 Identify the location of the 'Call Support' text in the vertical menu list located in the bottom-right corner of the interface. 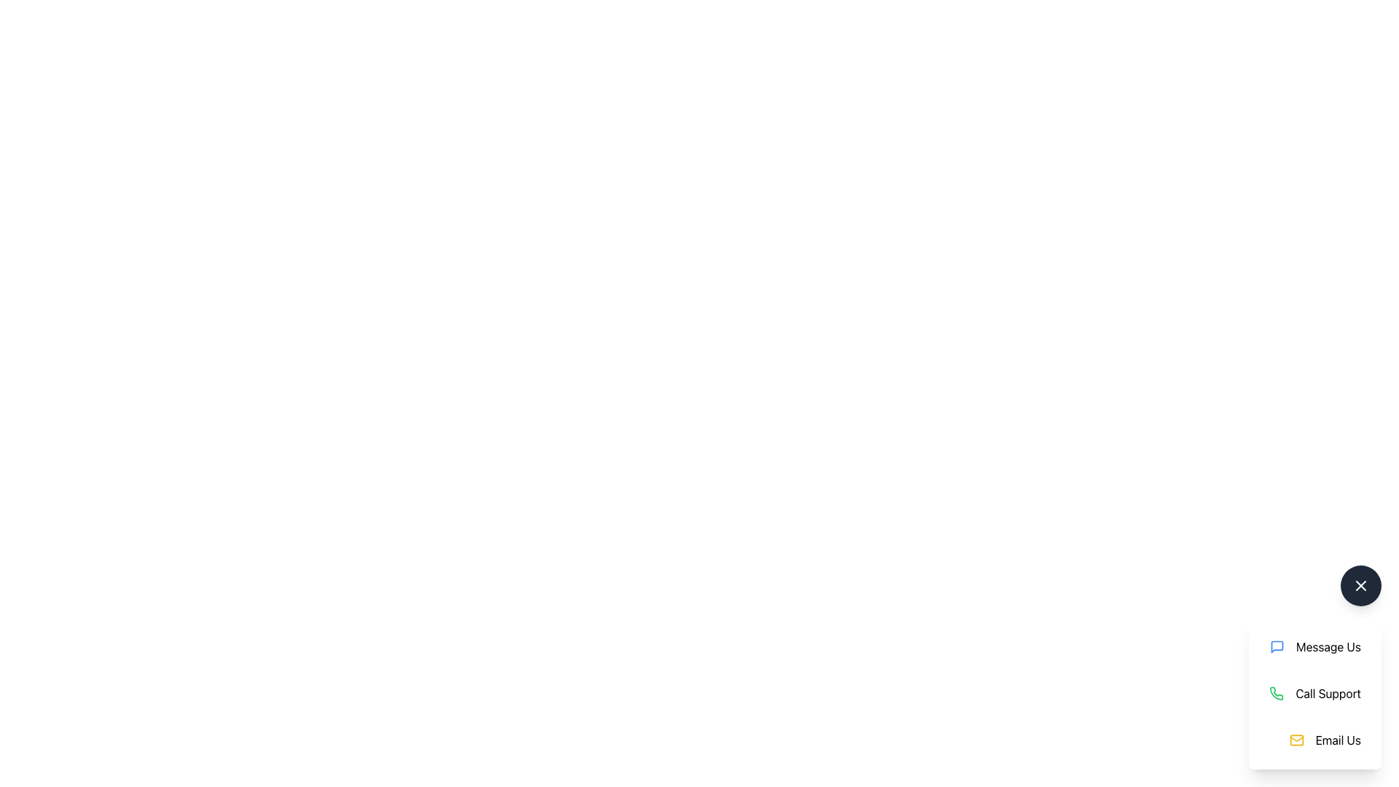
(1328, 693).